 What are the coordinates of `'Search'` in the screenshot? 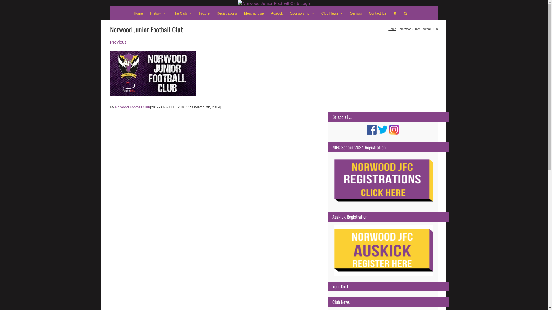 It's located at (405, 13).